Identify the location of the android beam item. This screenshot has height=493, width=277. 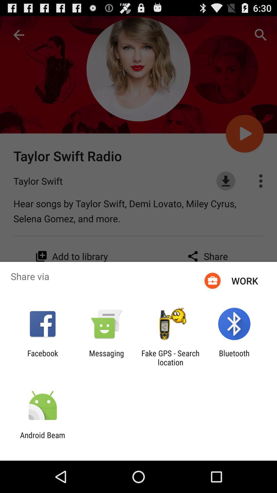
(42, 439).